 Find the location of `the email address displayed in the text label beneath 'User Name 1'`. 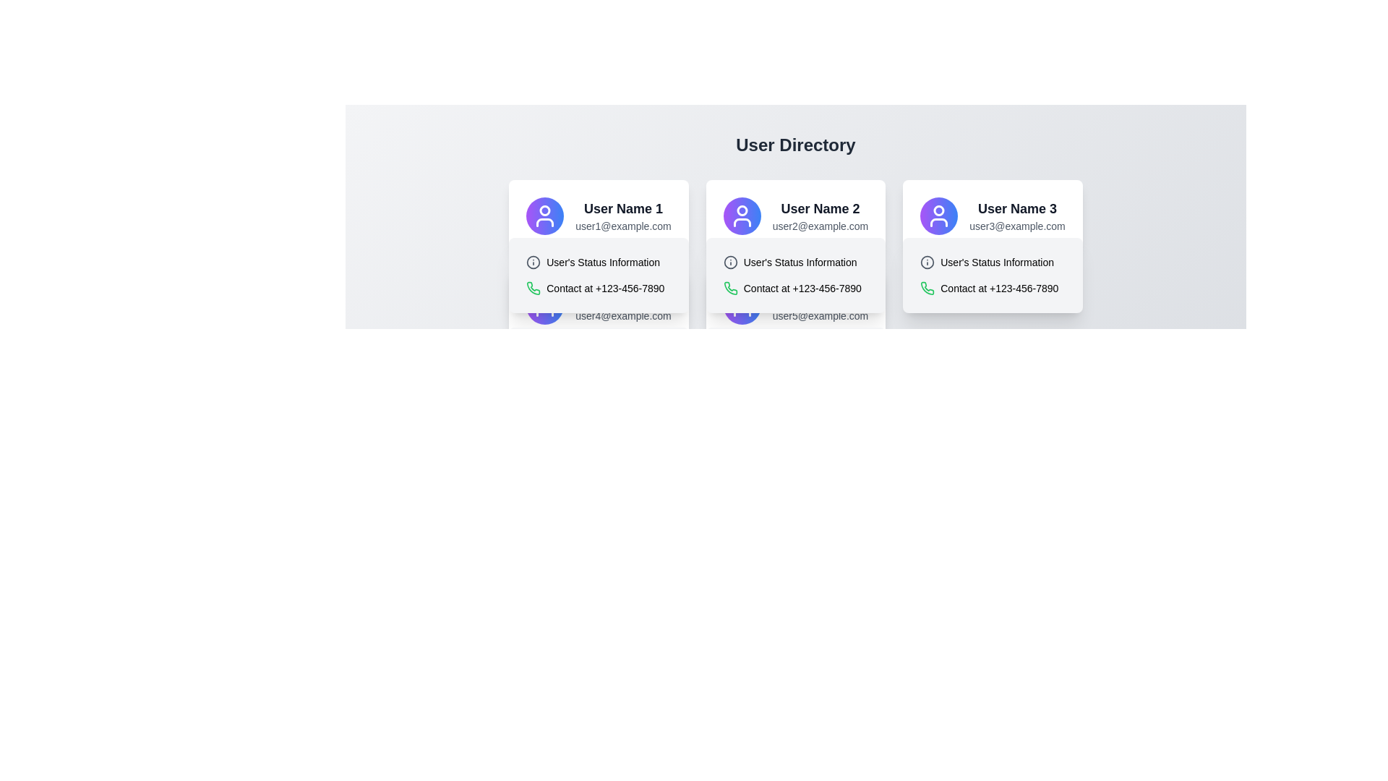

the email address displayed in the text label beneath 'User Name 1' is located at coordinates (623, 226).